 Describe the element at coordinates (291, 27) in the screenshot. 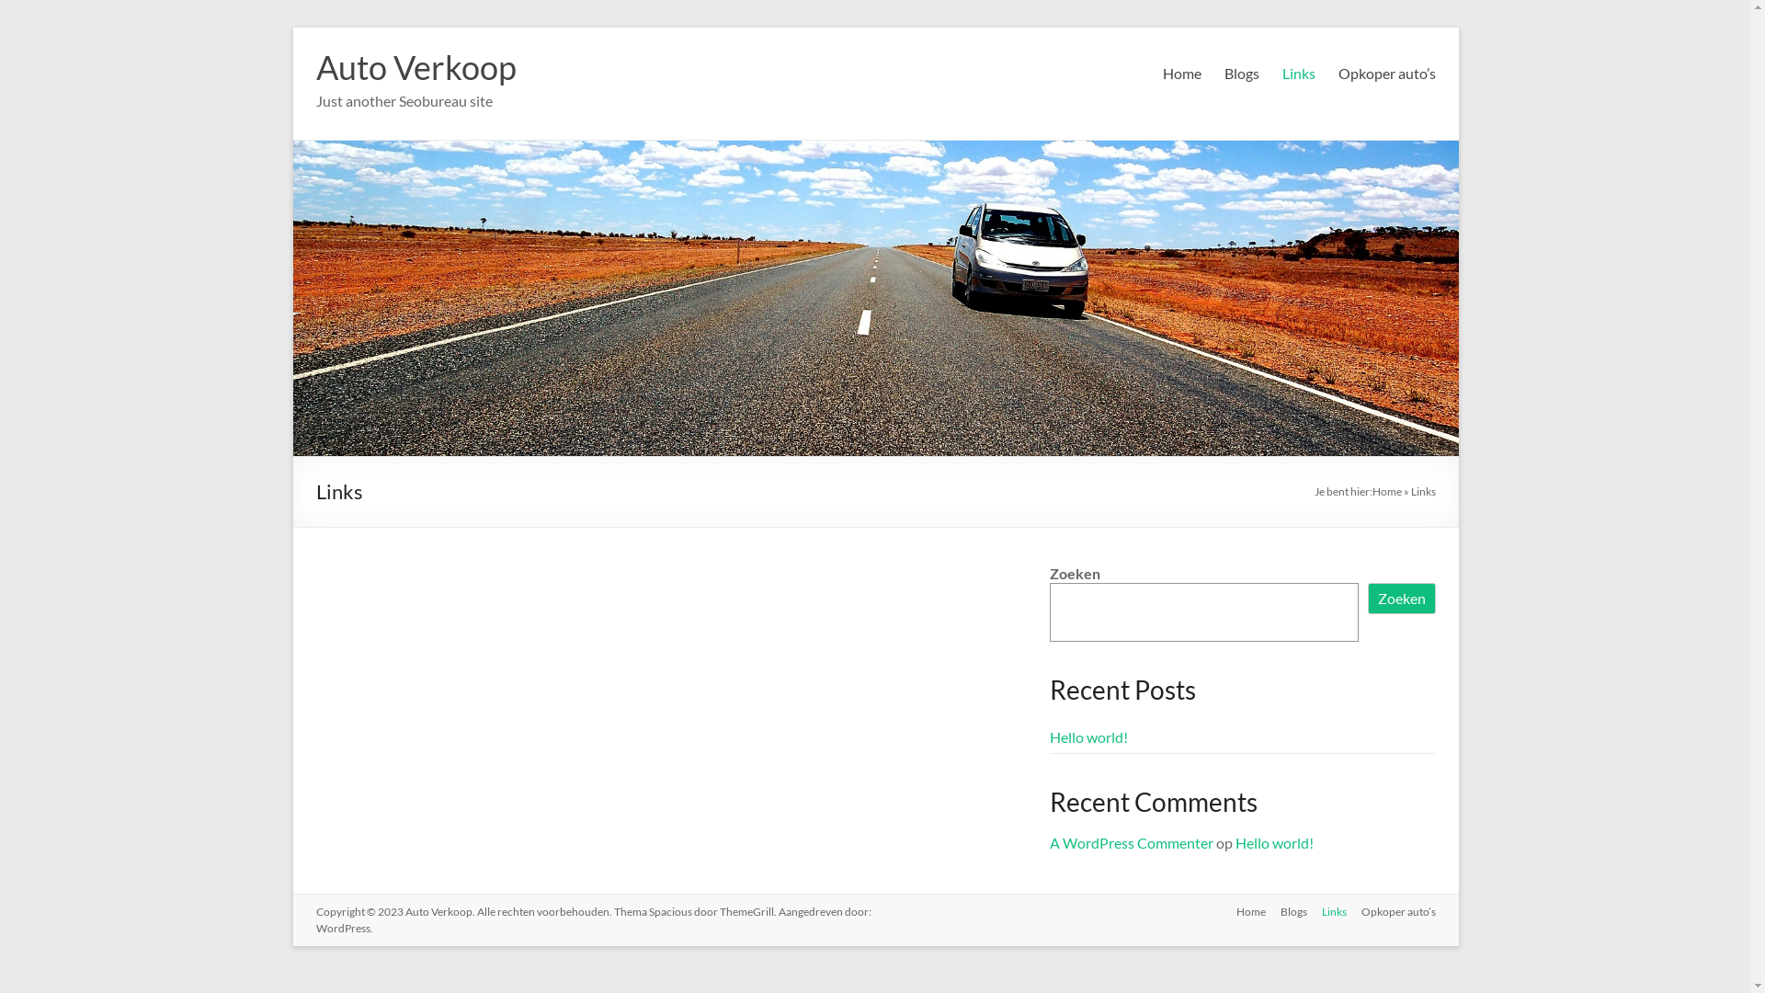

I see `'Ga naar inhoud'` at that location.